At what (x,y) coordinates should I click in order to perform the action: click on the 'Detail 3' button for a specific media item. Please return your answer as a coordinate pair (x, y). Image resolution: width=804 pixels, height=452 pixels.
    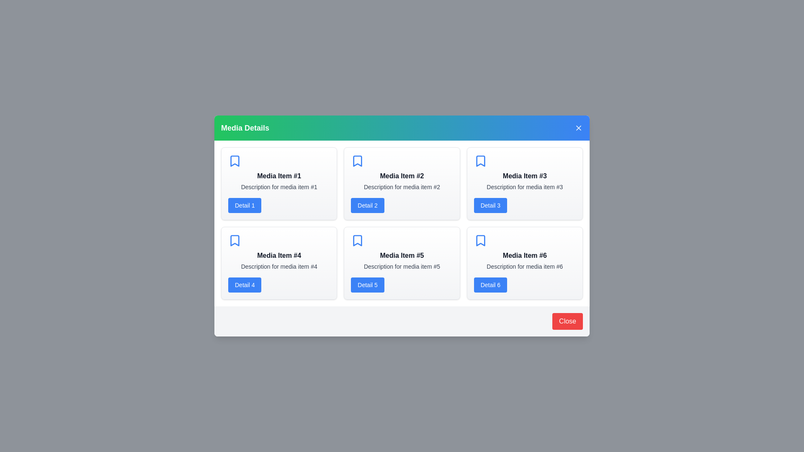
    Looking at the image, I should click on (490, 205).